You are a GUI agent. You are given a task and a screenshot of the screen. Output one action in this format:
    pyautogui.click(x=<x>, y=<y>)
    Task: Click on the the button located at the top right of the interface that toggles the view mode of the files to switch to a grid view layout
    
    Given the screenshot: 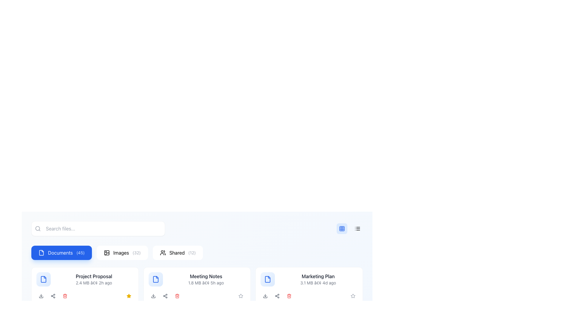 What is the action you would take?
    pyautogui.click(x=342, y=228)
    